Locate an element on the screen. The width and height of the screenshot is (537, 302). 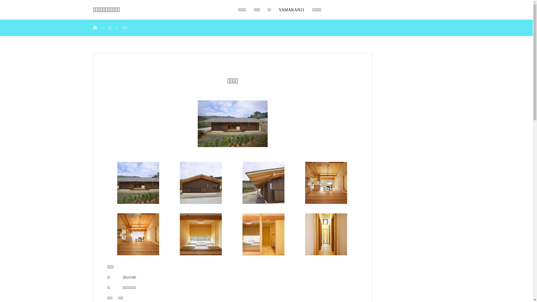
'YAMAKAN21' is located at coordinates (291, 10).